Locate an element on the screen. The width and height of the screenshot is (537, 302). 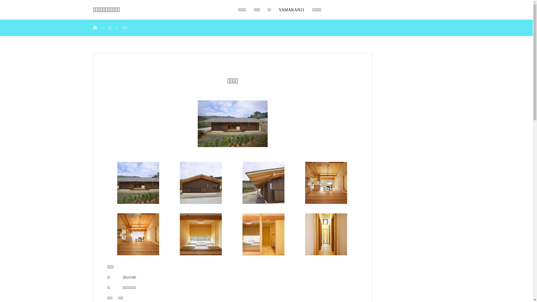
'YAMAKAN21' is located at coordinates (291, 10).